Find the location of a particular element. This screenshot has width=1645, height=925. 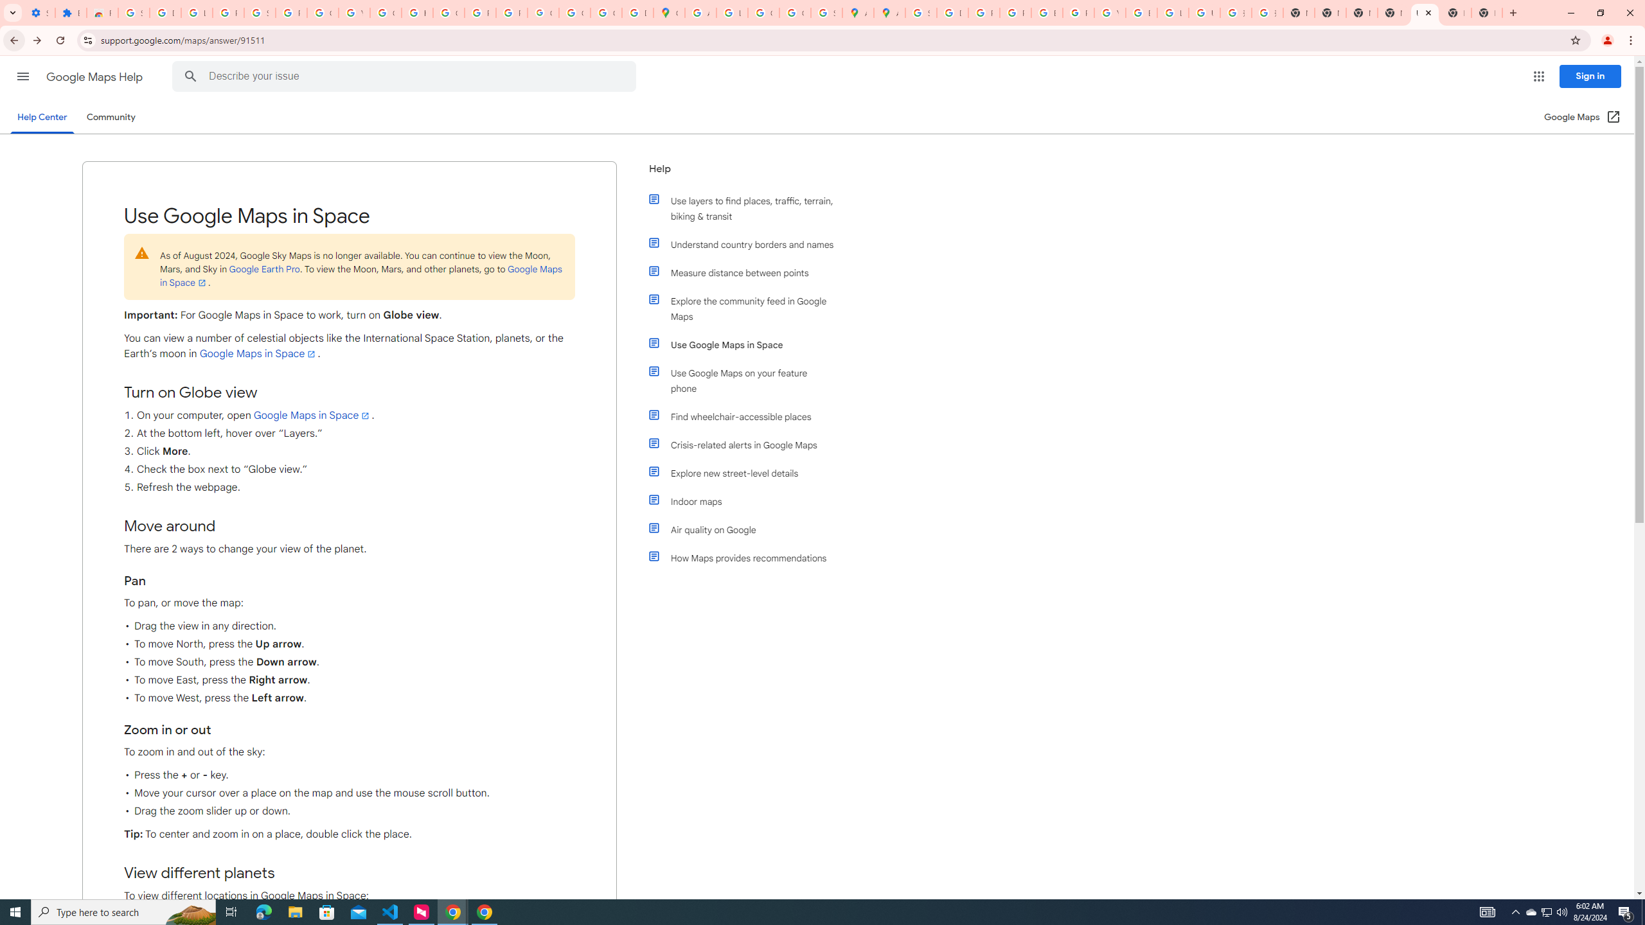

'Use Google Maps in Space - Google Maps Help' is located at coordinates (1423, 12).